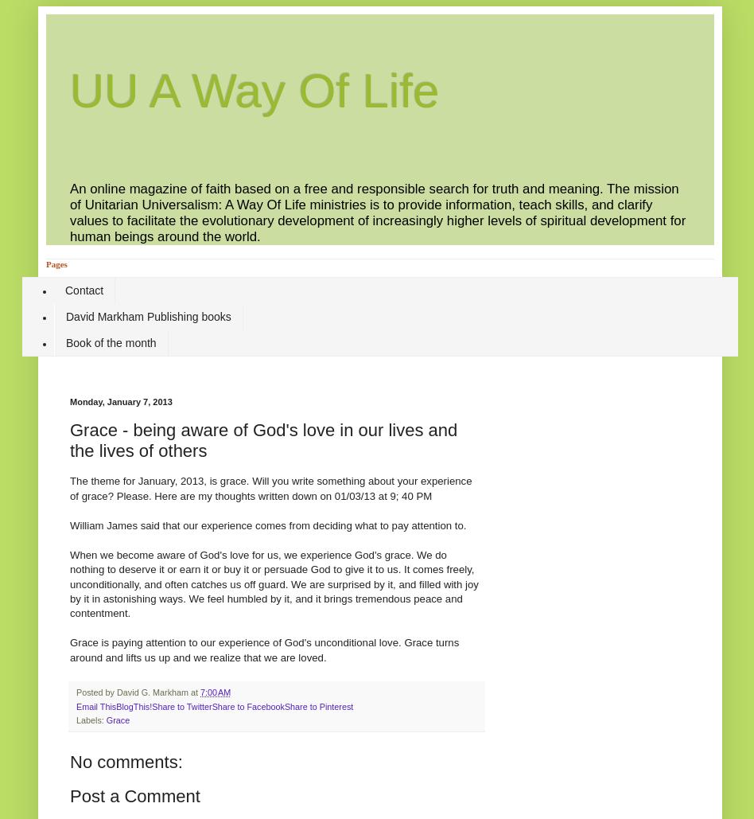 This screenshot has width=754, height=819. What do you see at coordinates (125, 761) in the screenshot?
I see `'No comments:'` at bounding box center [125, 761].